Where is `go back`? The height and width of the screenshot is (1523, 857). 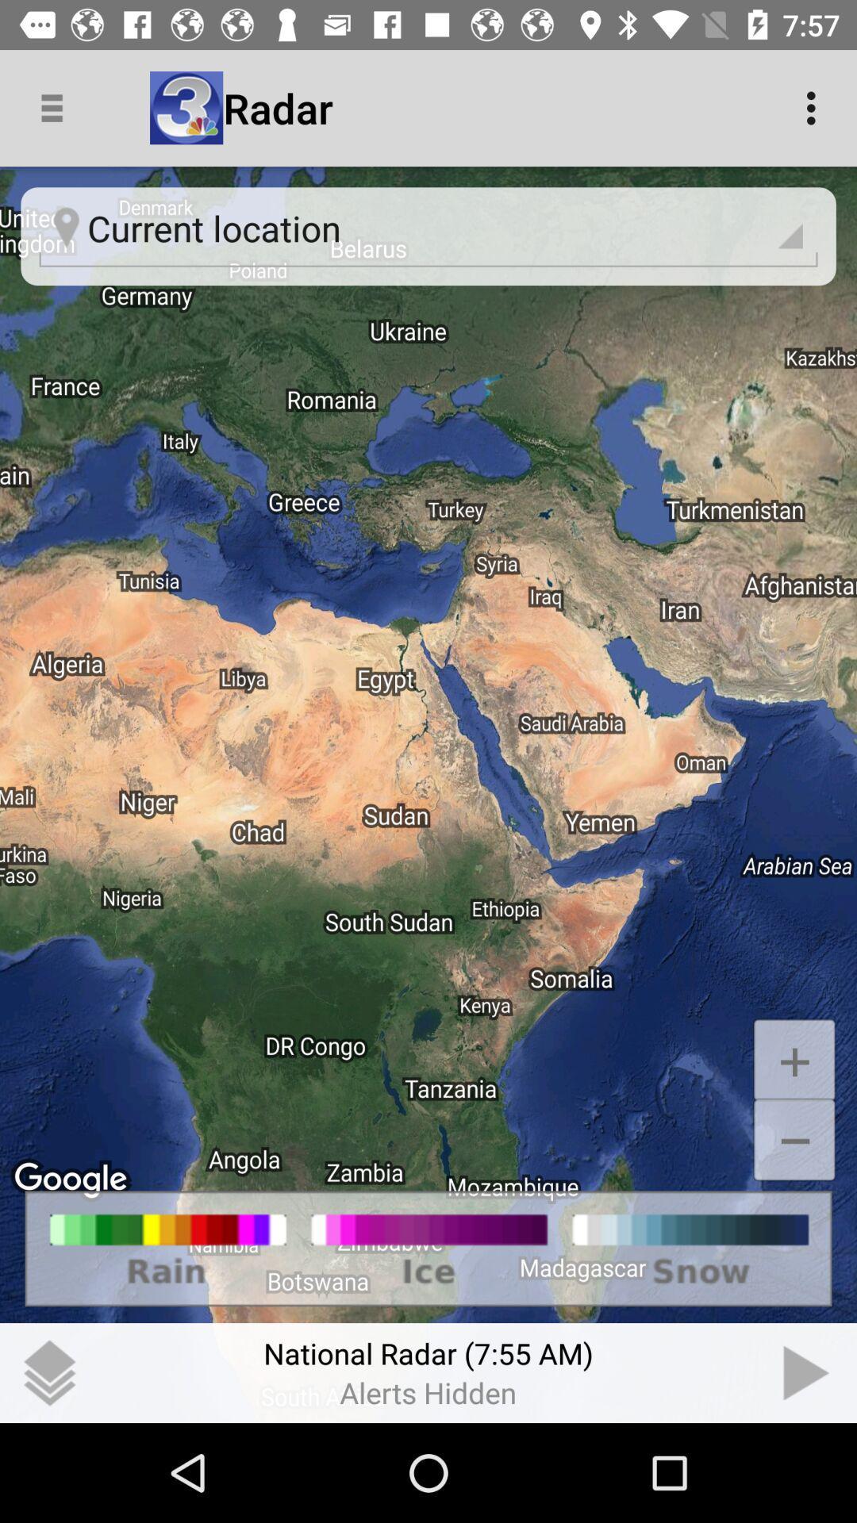 go back is located at coordinates (807, 1372).